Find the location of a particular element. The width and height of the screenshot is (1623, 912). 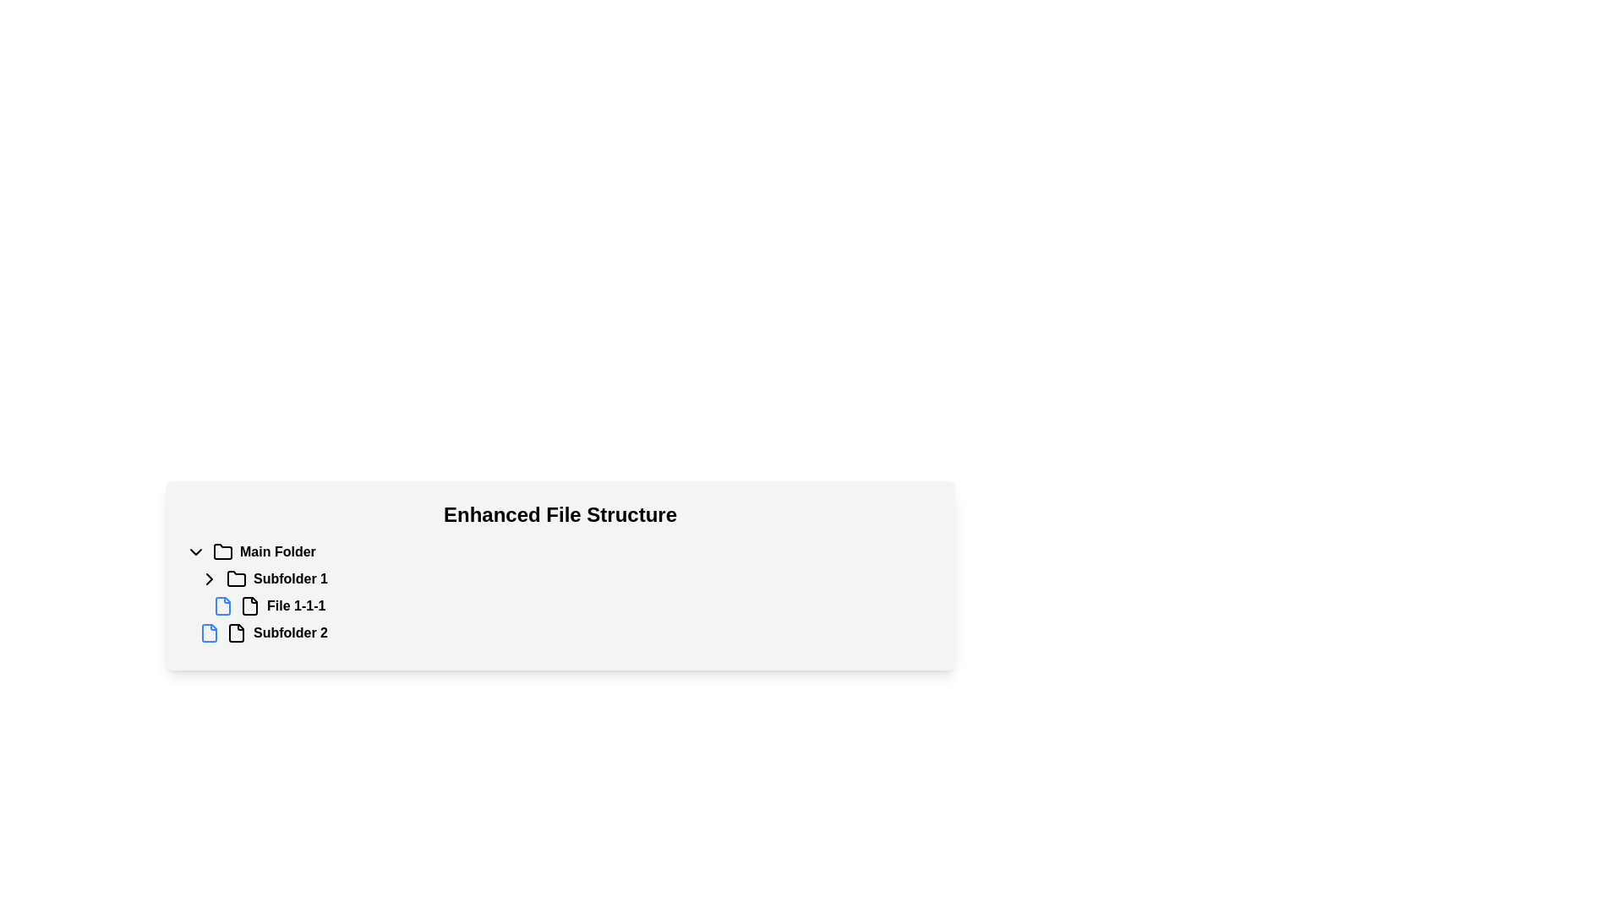

the first file icon with a blue outline located next to the 'Subfolder 2' label in the hierarchical file structure under 'Subfolder 1' is located at coordinates (209, 632).